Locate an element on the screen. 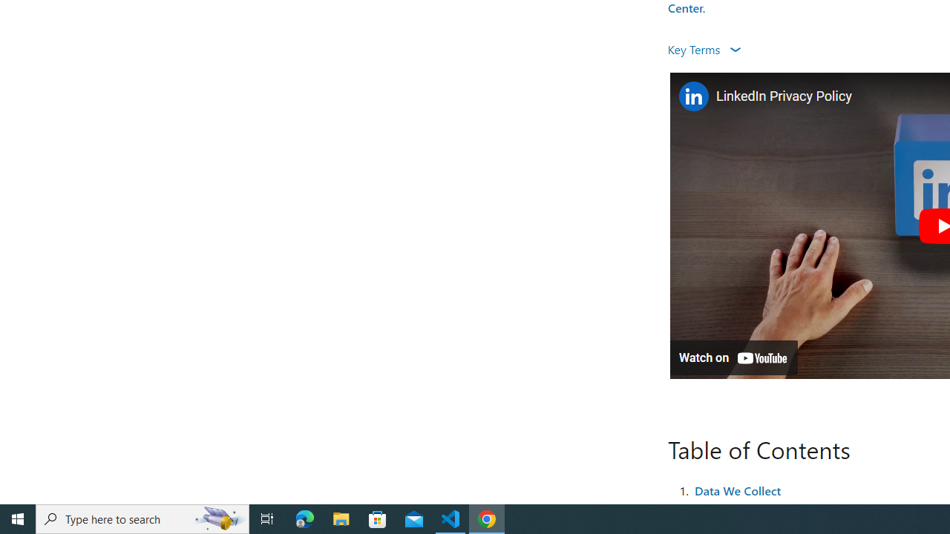  'Key Terms ' is located at coordinates (703, 48).